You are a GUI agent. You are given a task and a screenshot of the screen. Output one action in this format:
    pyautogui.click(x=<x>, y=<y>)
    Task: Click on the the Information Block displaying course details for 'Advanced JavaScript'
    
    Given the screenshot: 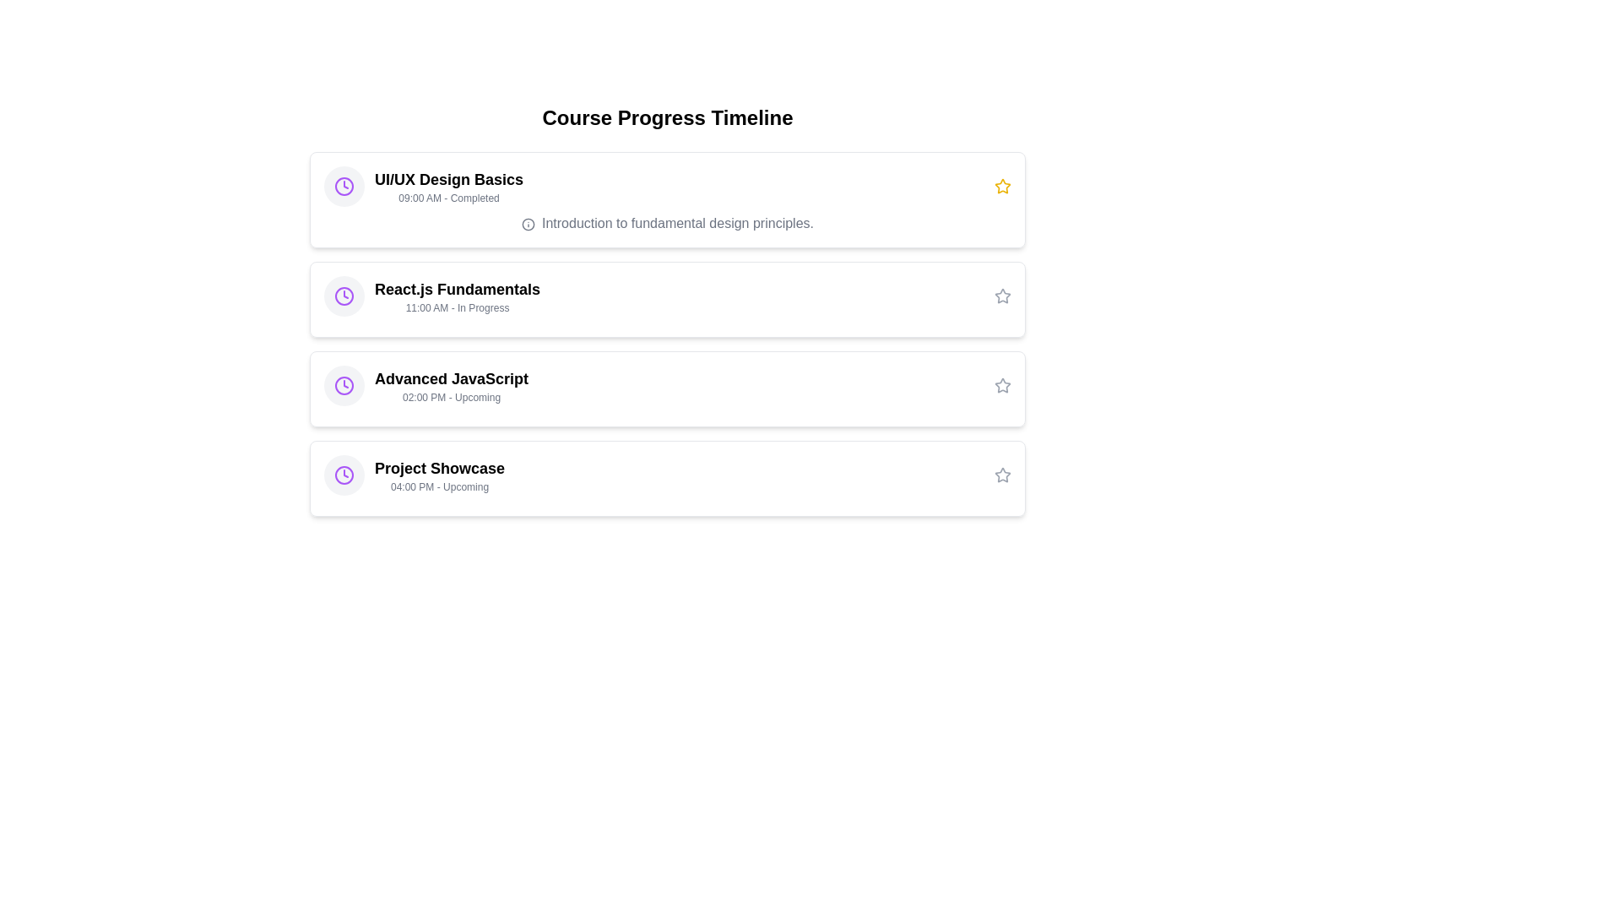 What is the action you would take?
    pyautogui.click(x=426, y=385)
    